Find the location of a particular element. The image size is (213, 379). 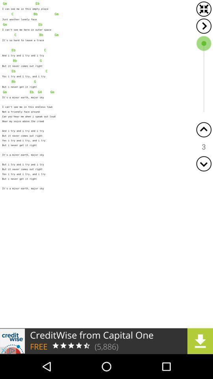

the fullscreen icon is located at coordinates (204, 9).